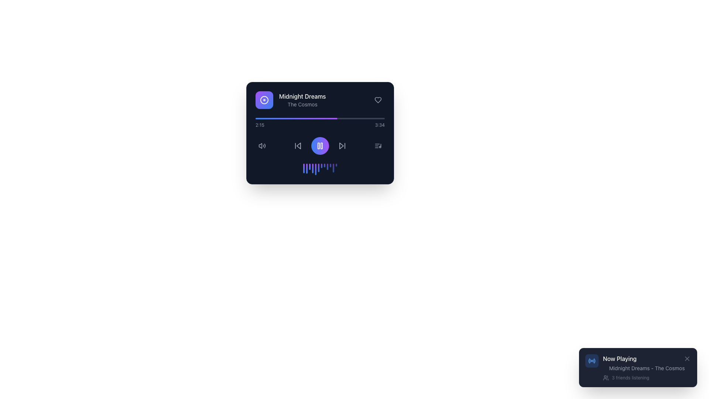 This screenshot has height=399, width=709. I want to click on playback progress, so click(281, 118).